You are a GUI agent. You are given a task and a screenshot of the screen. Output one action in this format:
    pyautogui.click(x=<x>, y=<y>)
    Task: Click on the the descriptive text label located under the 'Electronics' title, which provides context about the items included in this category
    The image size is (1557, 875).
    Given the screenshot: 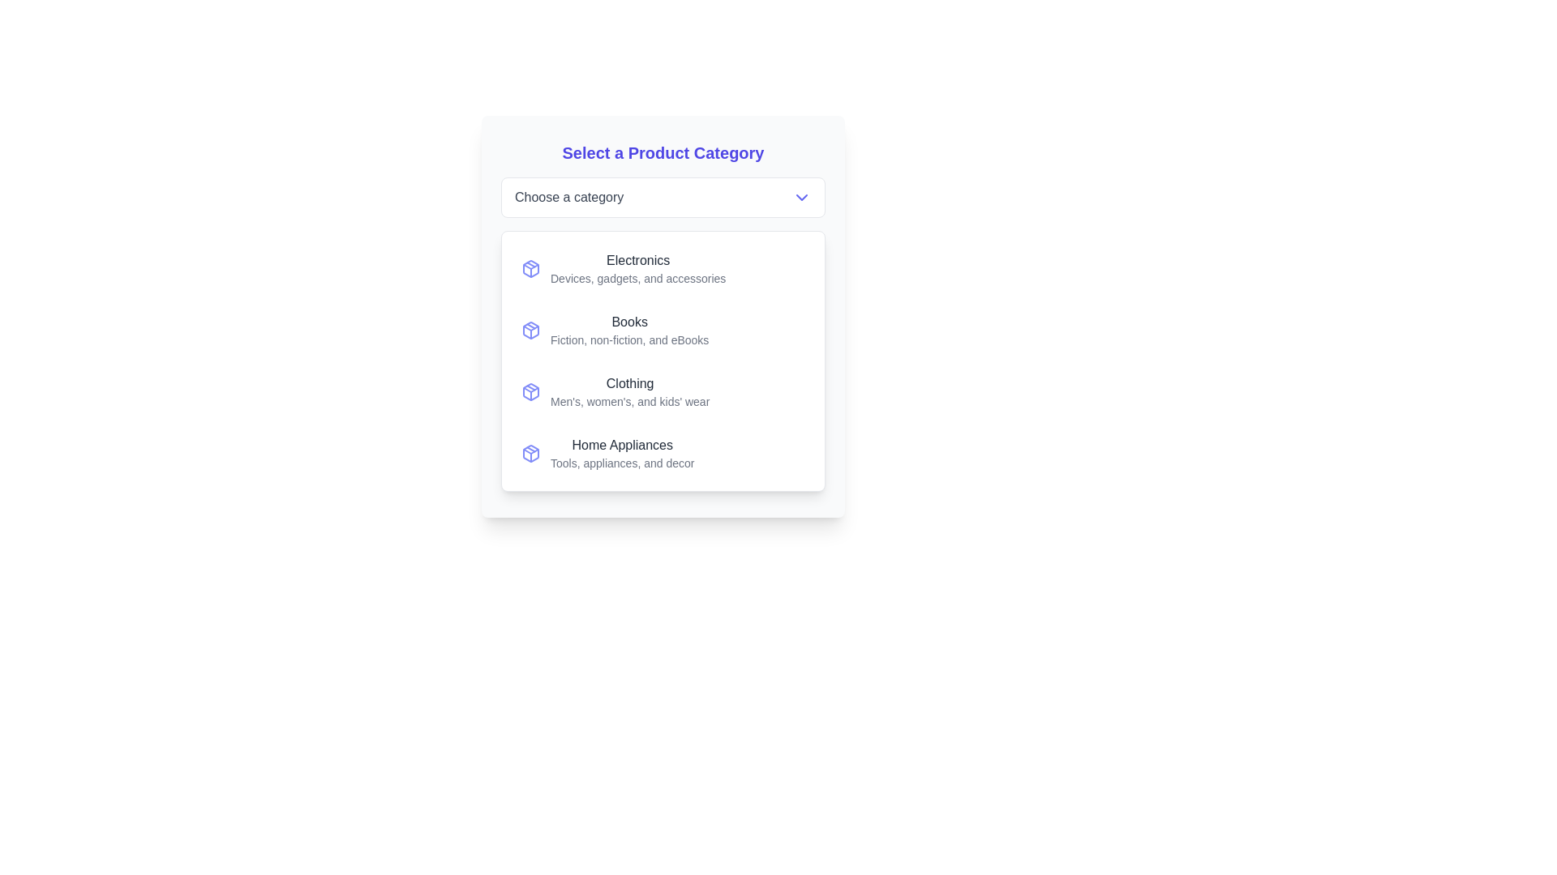 What is the action you would take?
    pyautogui.click(x=637, y=277)
    